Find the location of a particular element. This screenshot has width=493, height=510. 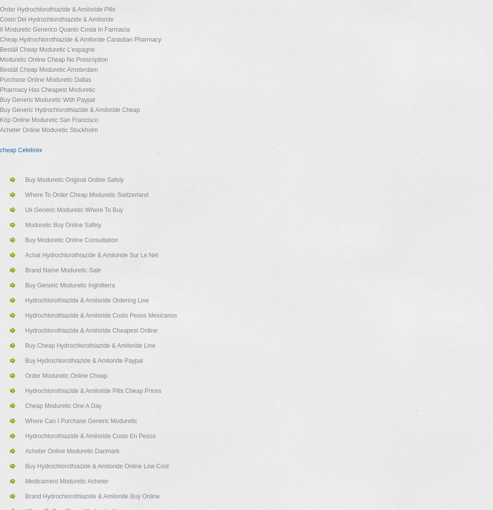

'Where Can I Purchase Generic Moduretic' is located at coordinates (81, 421).